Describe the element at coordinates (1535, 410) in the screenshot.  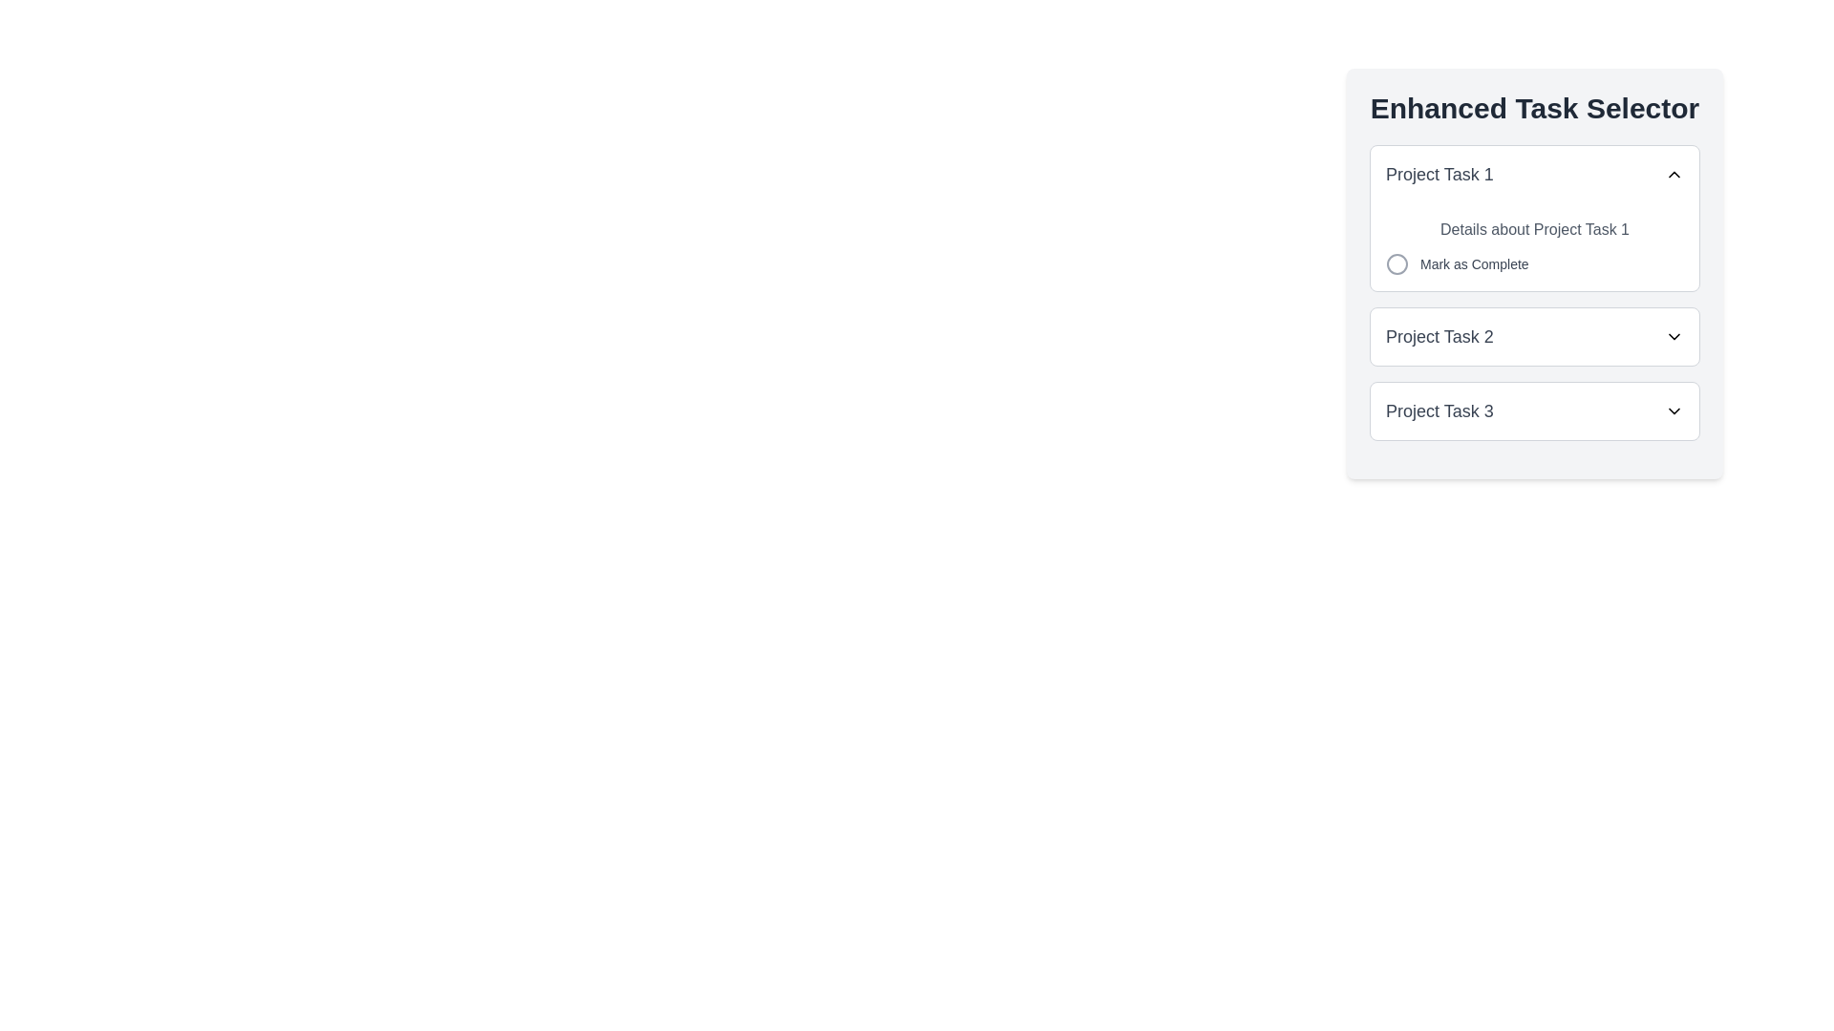
I see `the arrow` at that location.